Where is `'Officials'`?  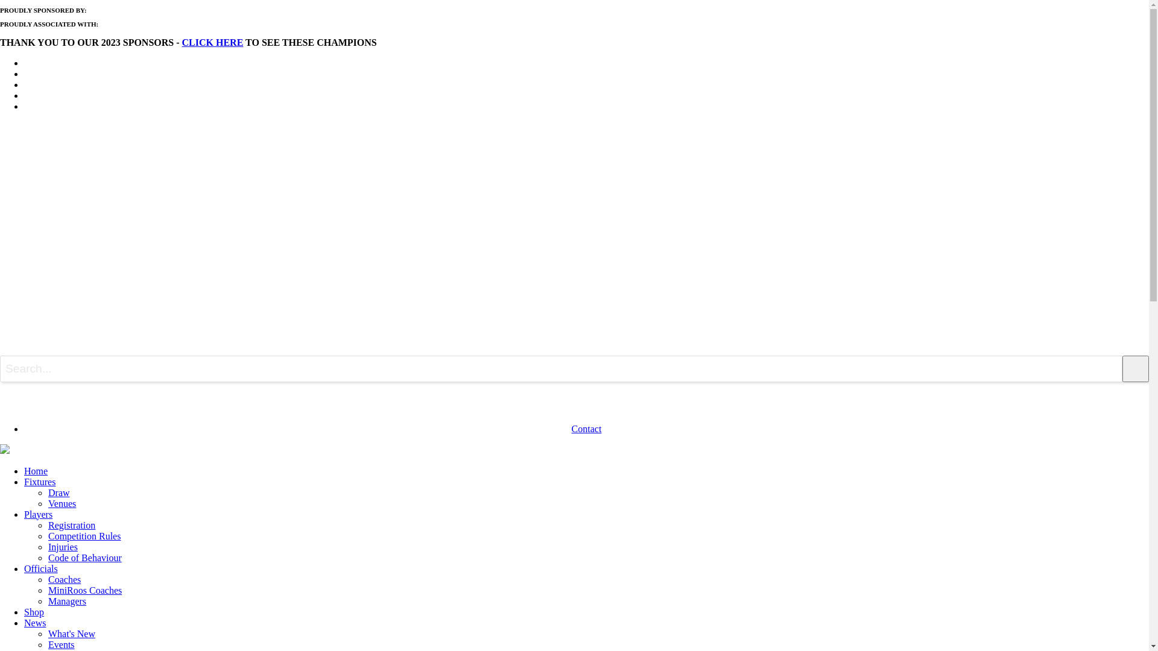
'Officials' is located at coordinates (40, 568).